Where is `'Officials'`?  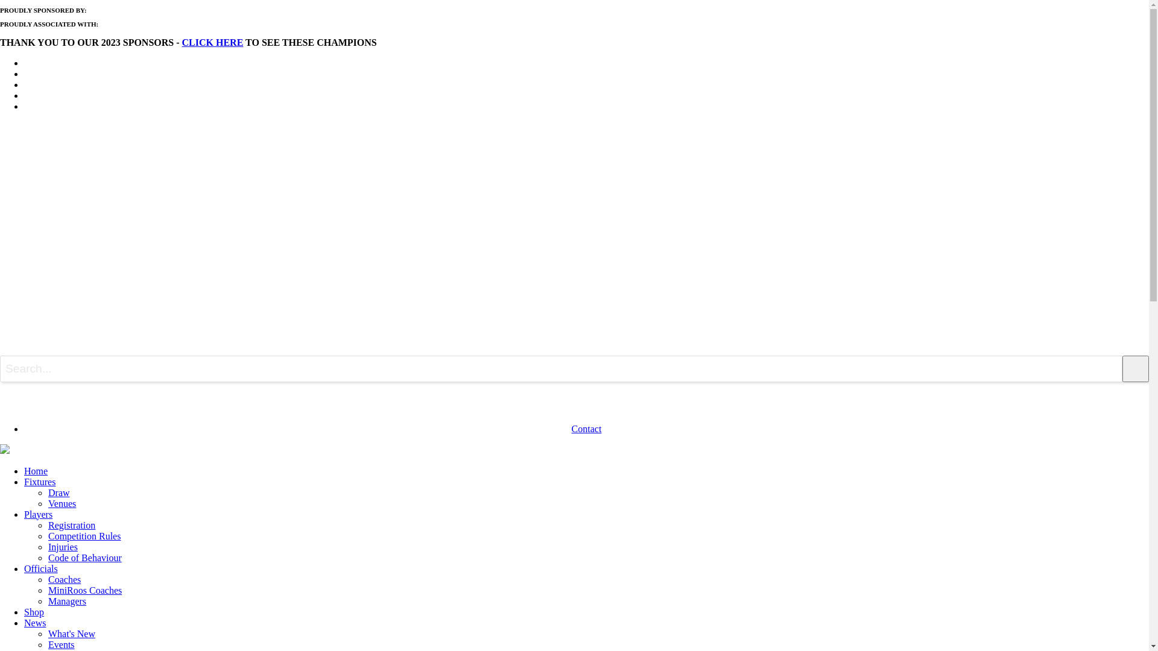
'Officials' is located at coordinates (40, 568).